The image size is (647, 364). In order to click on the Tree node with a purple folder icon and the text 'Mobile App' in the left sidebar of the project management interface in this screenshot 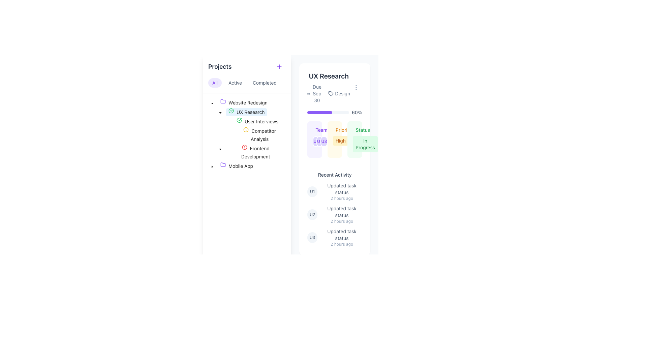, I will do `click(232, 166)`.